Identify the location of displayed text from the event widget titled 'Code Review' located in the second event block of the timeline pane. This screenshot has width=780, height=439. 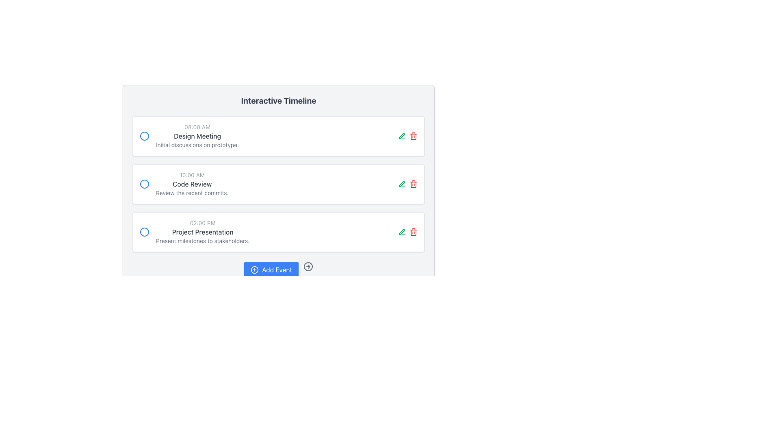
(184, 184).